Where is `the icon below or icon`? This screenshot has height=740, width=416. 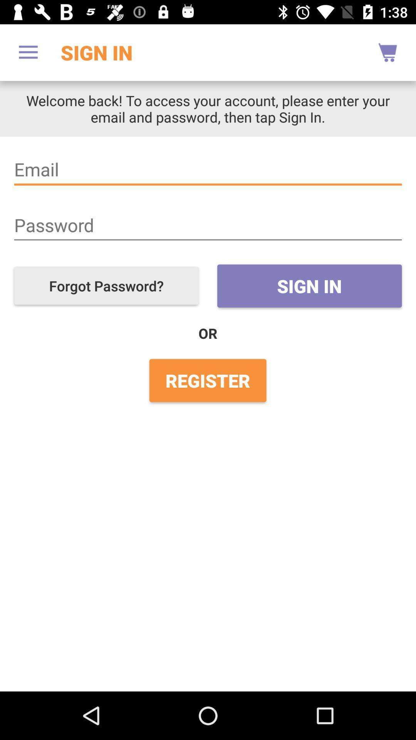 the icon below or icon is located at coordinates (207, 380).